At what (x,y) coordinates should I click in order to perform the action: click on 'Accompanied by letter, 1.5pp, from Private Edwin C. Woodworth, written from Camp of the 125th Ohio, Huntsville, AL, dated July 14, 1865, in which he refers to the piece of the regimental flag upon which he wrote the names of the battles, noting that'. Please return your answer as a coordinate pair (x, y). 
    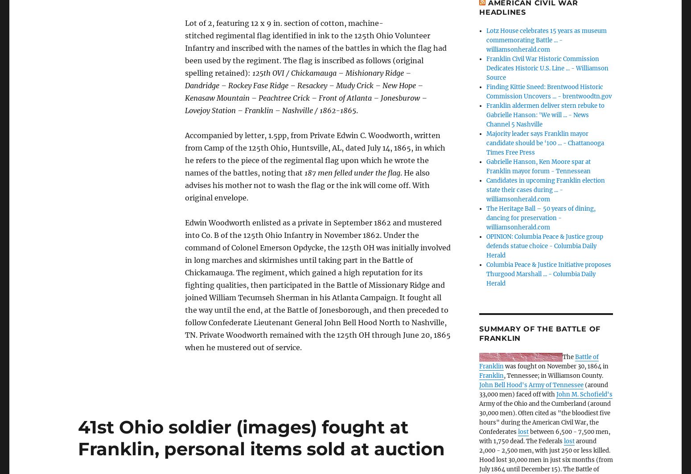
    Looking at the image, I should click on (315, 153).